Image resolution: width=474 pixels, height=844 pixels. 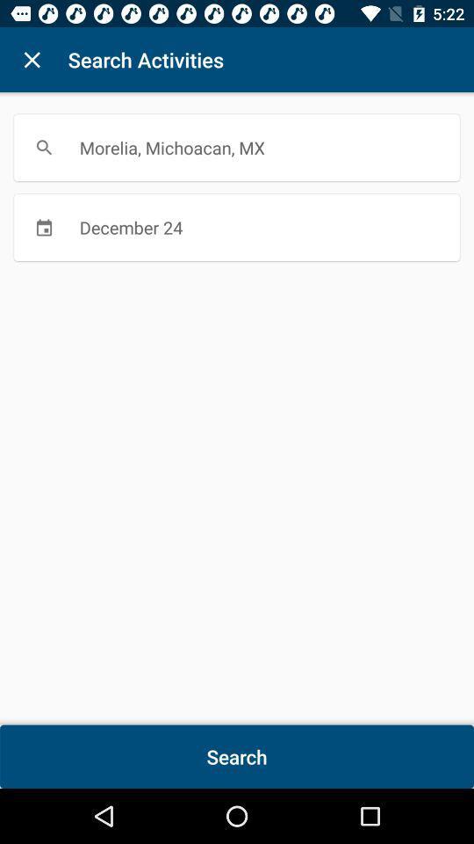 What do you see at coordinates (237, 147) in the screenshot?
I see `morelia, michoacan, mx` at bounding box center [237, 147].